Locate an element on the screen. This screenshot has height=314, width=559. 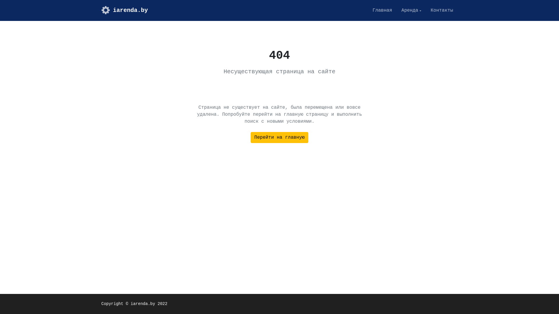
'iarenda.by' is located at coordinates (124, 10).